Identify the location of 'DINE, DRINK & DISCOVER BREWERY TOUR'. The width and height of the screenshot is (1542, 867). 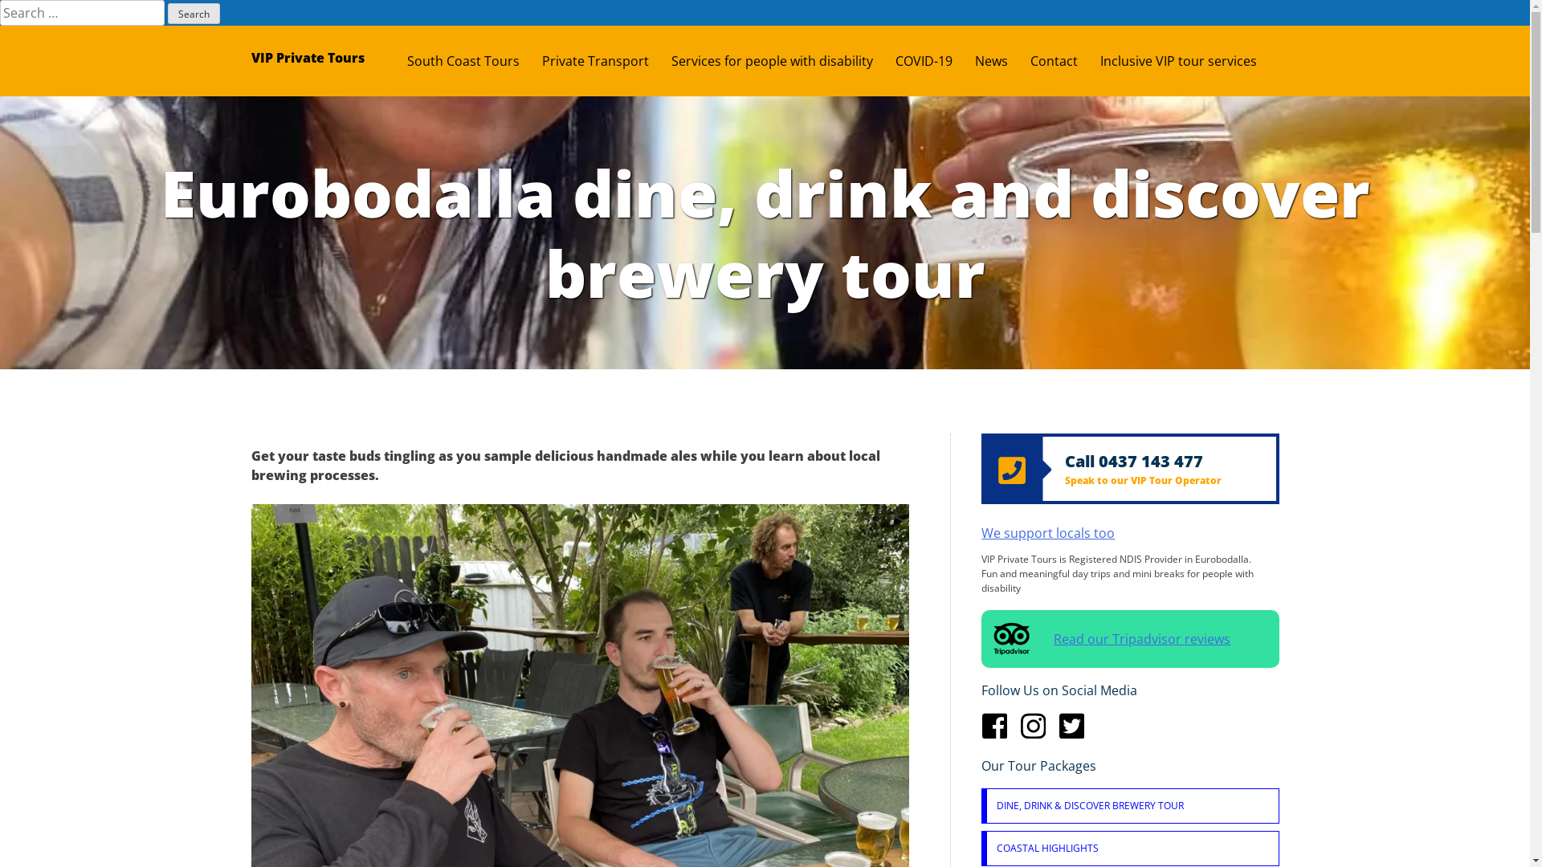
(985, 805).